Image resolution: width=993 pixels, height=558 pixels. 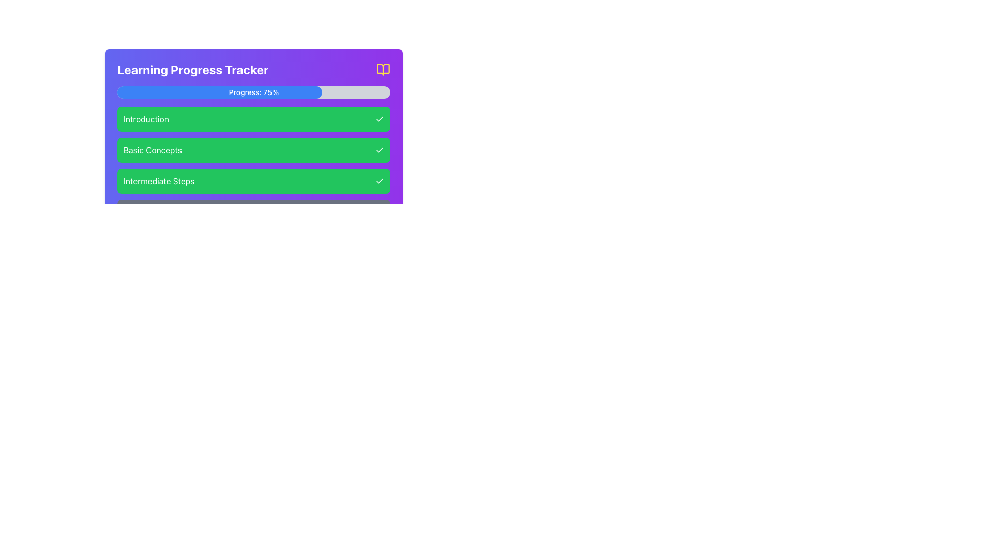 What do you see at coordinates (158, 181) in the screenshot?
I see `the Text Label that indicates progress in the Learning Progress Tracker, specifically the third block from the top, located below 'Introduction' and 'Basic Concepts'` at bounding box center [158, 181].